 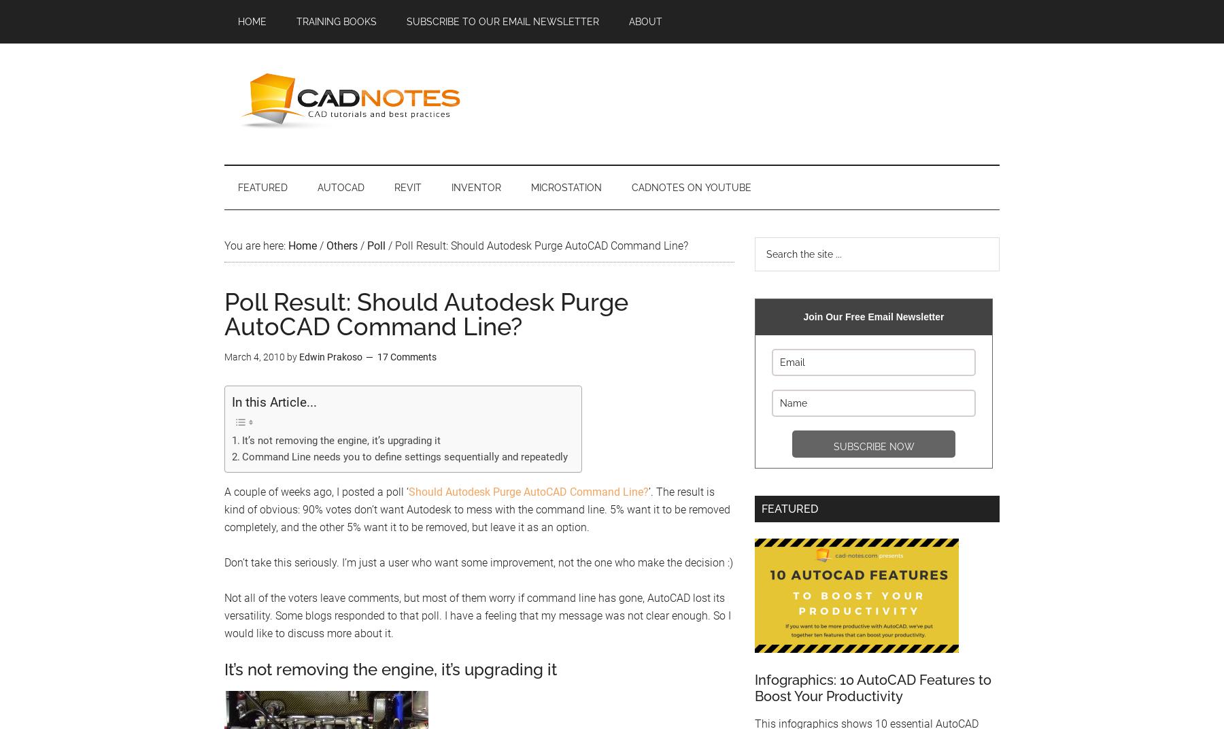 I want to click on 'Subscribe to Our Email Newsletter', so click(x=502, y=21).